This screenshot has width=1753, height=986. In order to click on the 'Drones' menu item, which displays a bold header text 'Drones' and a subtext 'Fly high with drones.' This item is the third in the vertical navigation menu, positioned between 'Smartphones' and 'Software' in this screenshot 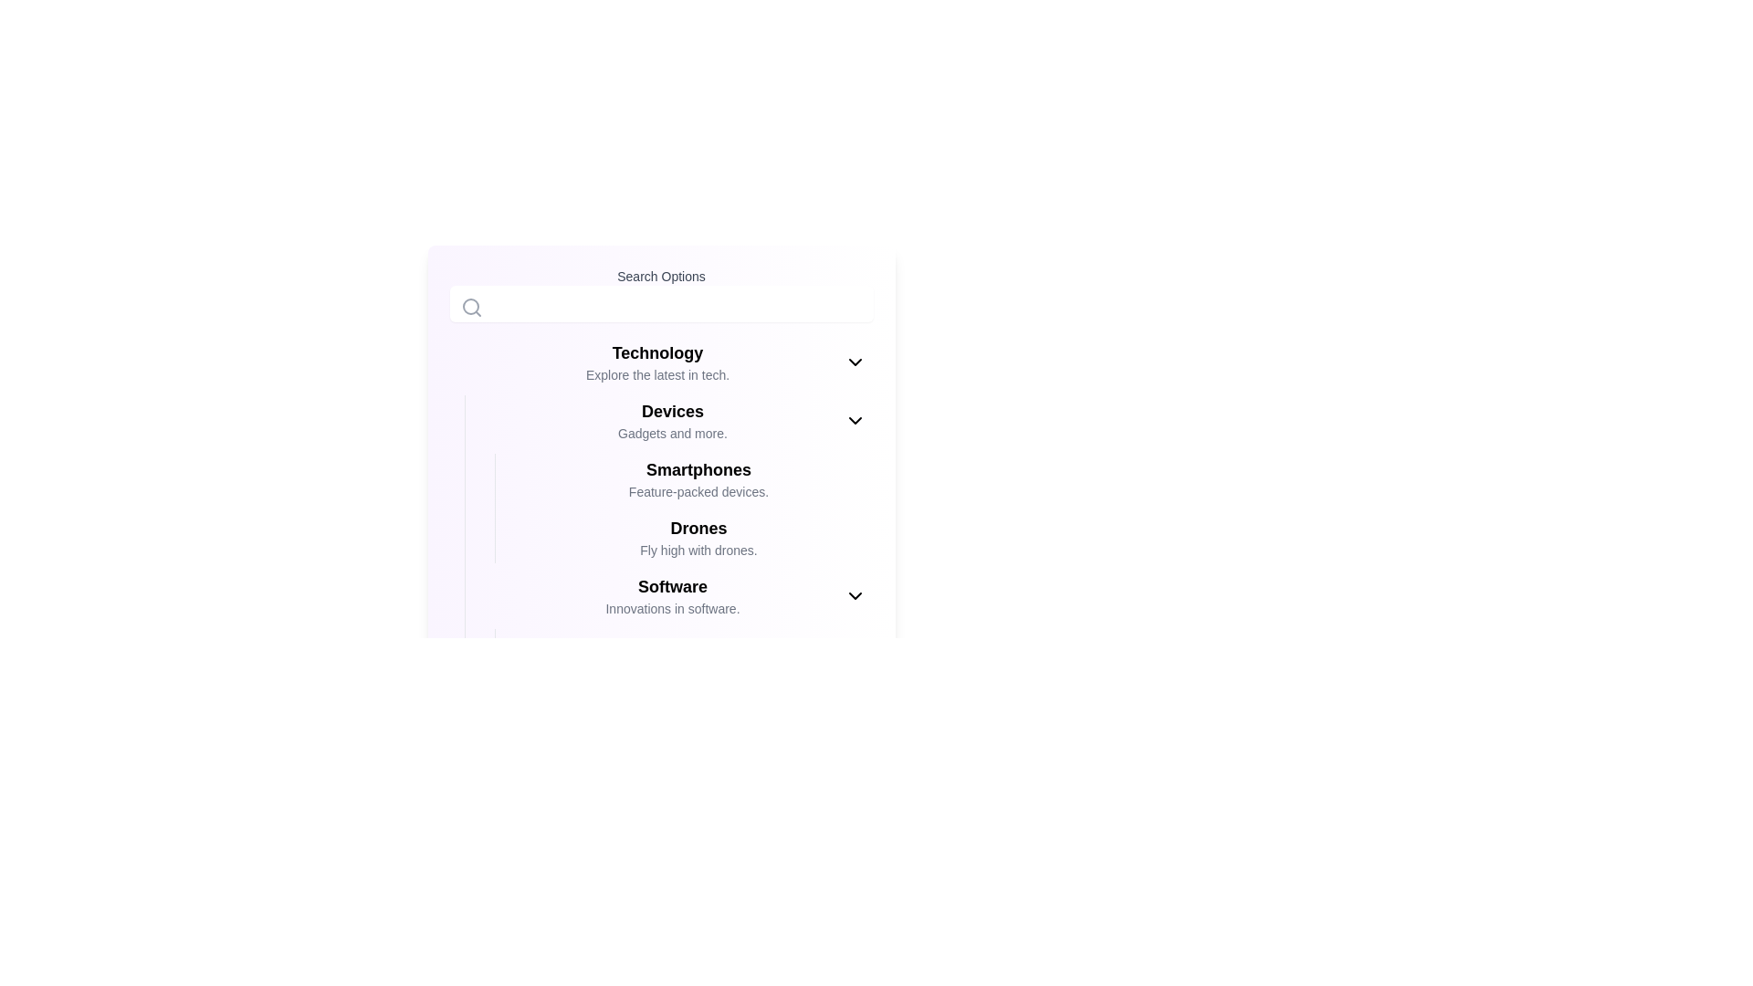, I will do `click(698, 537)`.